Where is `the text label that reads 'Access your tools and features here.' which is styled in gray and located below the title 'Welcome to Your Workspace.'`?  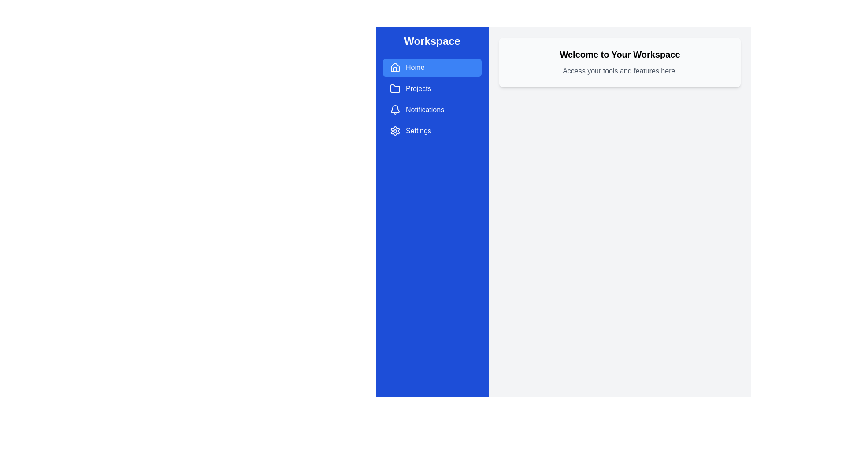 the text label that reads 'Access your tools and features here.' which is styled in gray and located below the title 'Welcome to Your Workspace.' is located at coordinates (619, 71).